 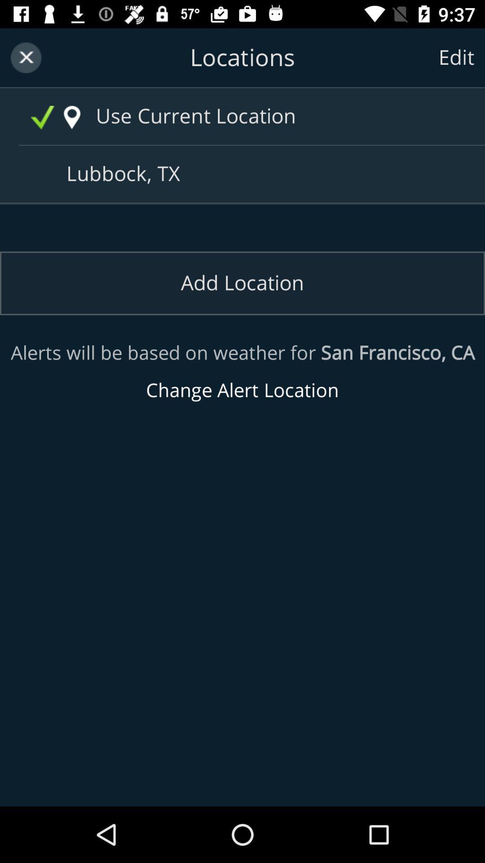 What do you see at coordinates (261, 116) in the screenshot?
I see `the use current location option` at bounding box center [261, 116].